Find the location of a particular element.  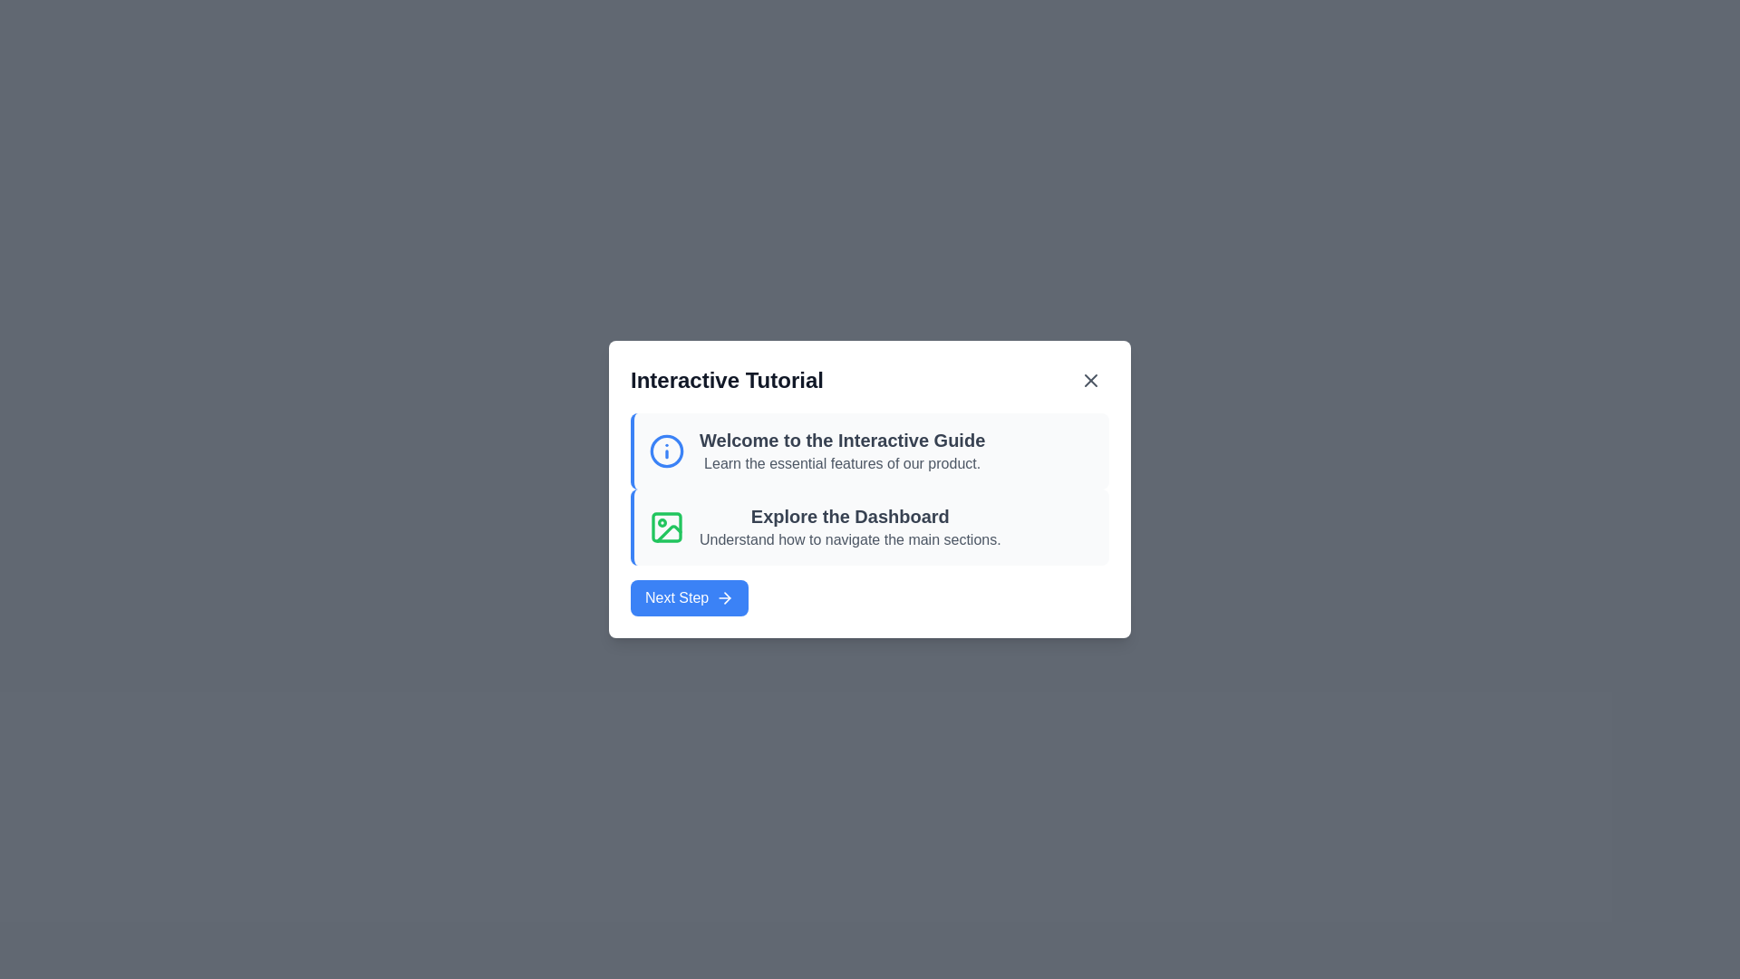

the heading text label located at the top of the list in the card interface is located at coordinates (841, 441).